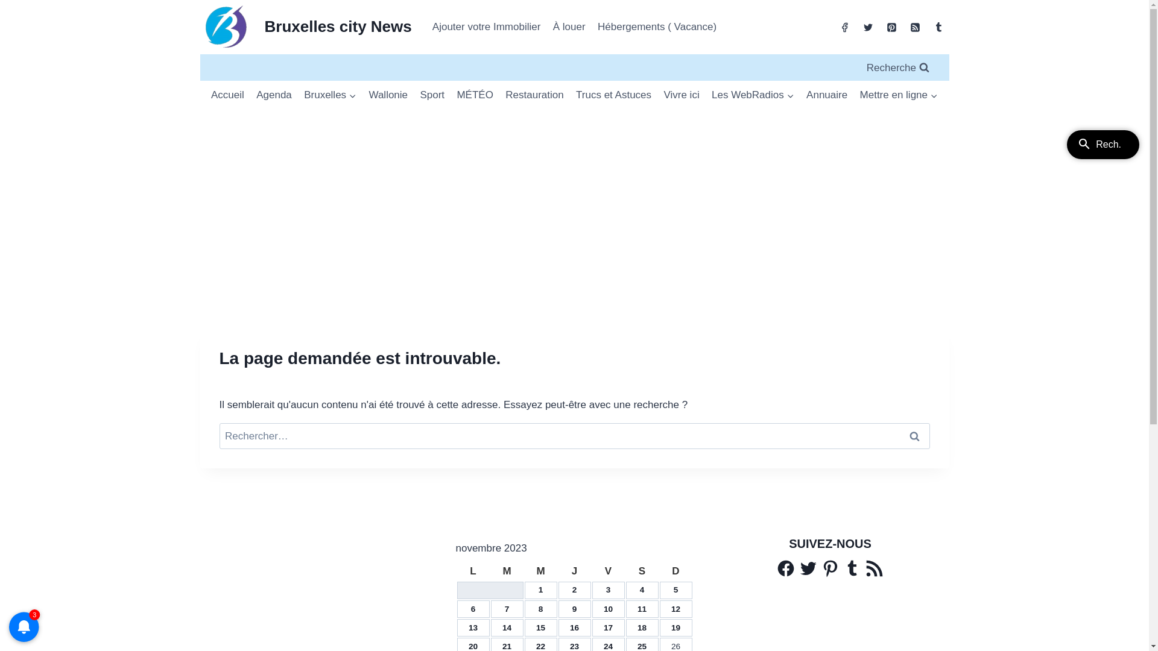 The height and width of the screenshot is (651, 1158). Describe the element at coordinates (641, 608) in the screenshot. I see `'11'` at that location.